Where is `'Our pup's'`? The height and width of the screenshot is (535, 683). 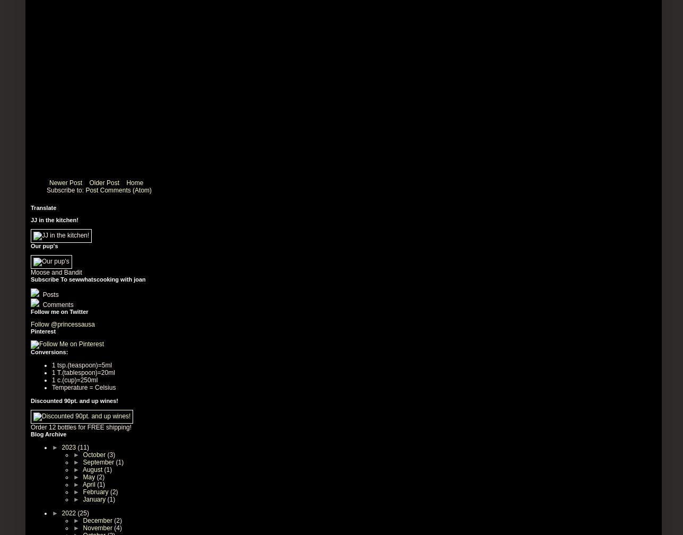
'Our pup's' is located at coordinates (44, 245).